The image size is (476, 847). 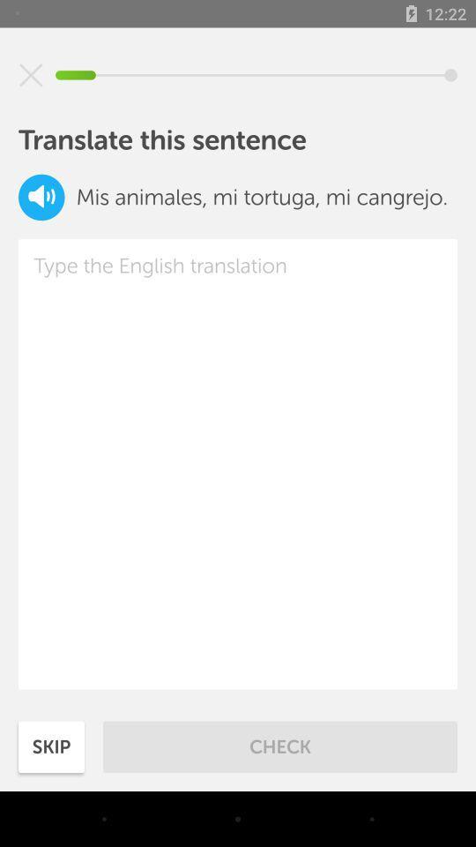 What do you see at coordinates (238, 463) in the screenshot?
I see `type here` at bounding box center [238, 463].